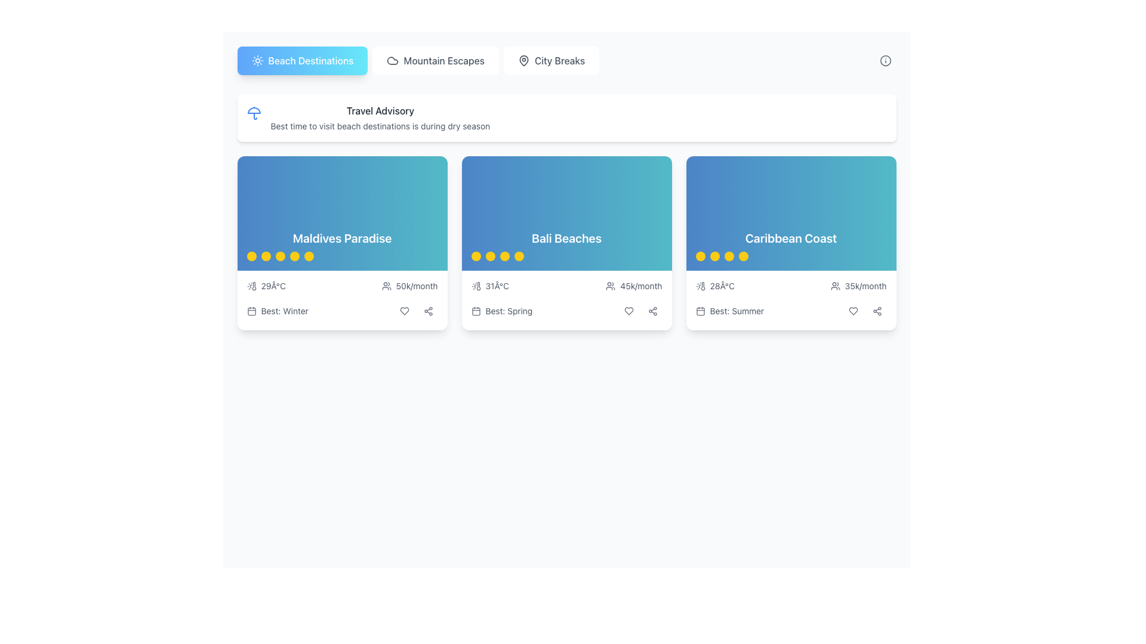 This screenshot has width=1146, height=644. What do you see at coordinates (309, 255) in the screenshot?
I see `the fifth yellow circle in the row of visual indicators for the 'Maldives Paradise' card` at bounding box center [309, 255].